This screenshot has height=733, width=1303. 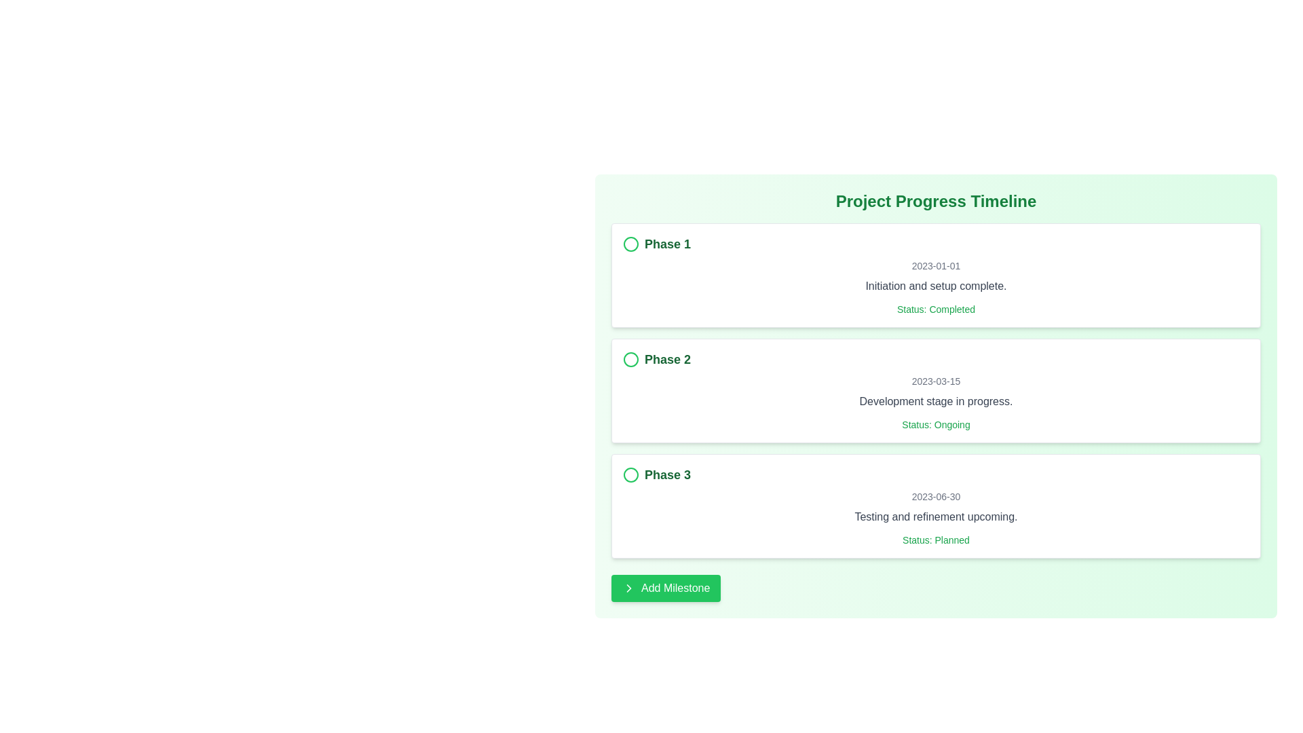 I want to click on the project phase summary card located in the third position of the vertically stacked list, which includes text and an icon indicating the phase's identifier, date, description, and status, so click(x=935, y=506).